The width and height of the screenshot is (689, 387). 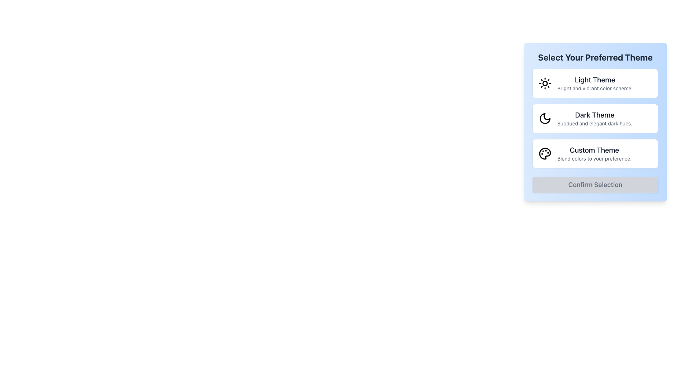 What do you see at coordinates (594, 150) in the screenshot?
I see `the text label that describes the third theme option titled 'Blend colors to your preference.' in the theme selection interface` at bounding box center [594, 150].